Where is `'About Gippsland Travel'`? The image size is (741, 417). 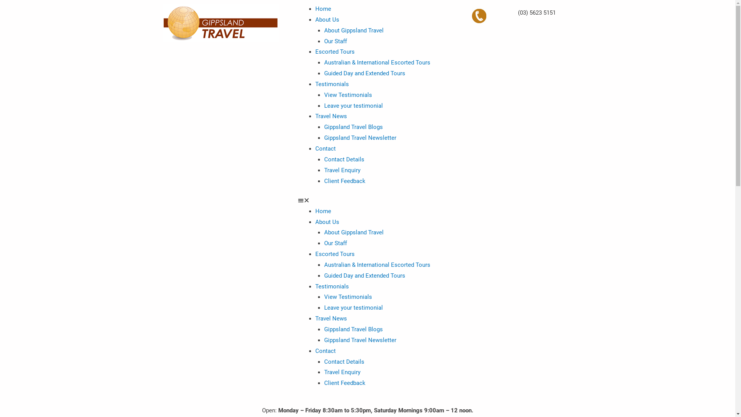 'About Gippsland Travel' is located at coordinates (353, 232).